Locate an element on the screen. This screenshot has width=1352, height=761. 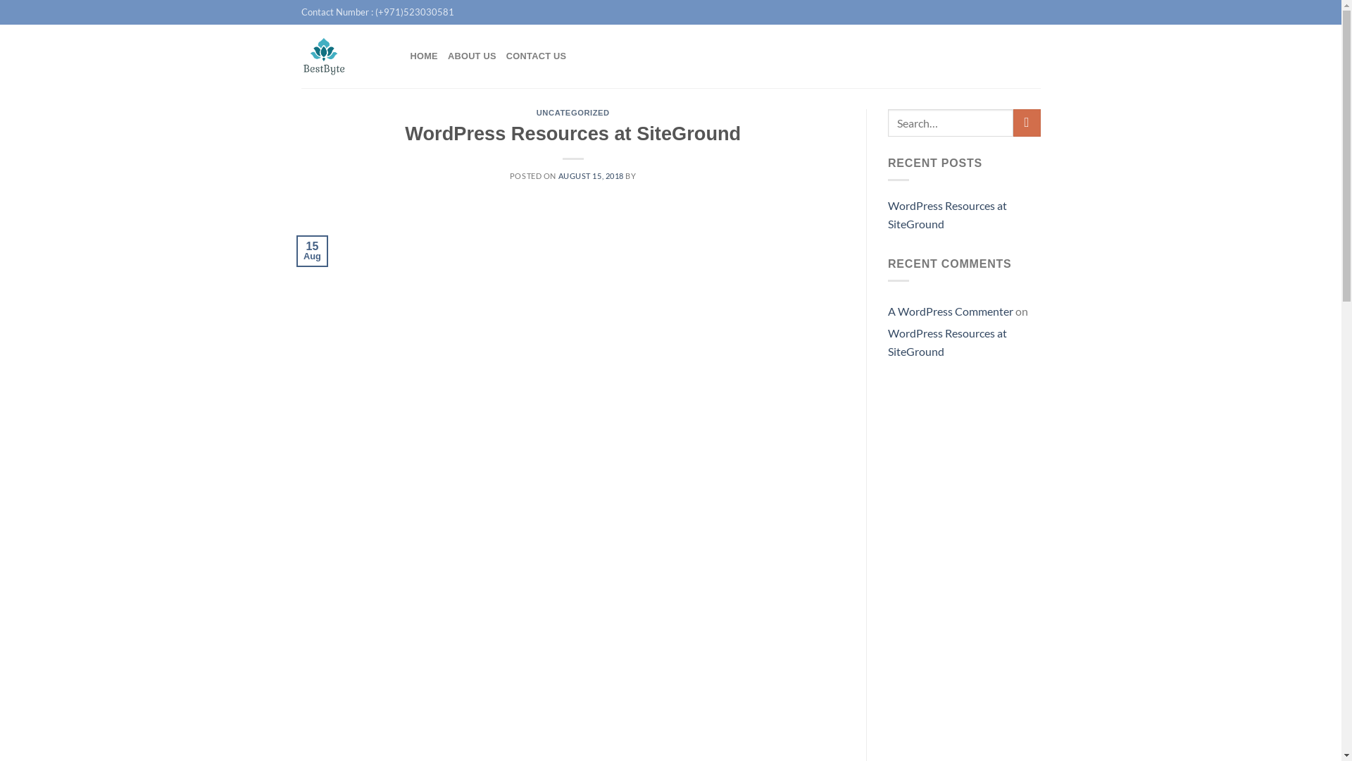
'CONTACT US' is located at coordinates (536, 56).